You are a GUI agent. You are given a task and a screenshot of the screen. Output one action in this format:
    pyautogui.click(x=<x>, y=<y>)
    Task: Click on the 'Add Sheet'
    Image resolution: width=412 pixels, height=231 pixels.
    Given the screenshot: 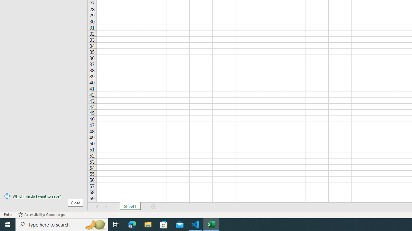 What is the action you would take?
    pyautogui.click(x=154, y=207)
    